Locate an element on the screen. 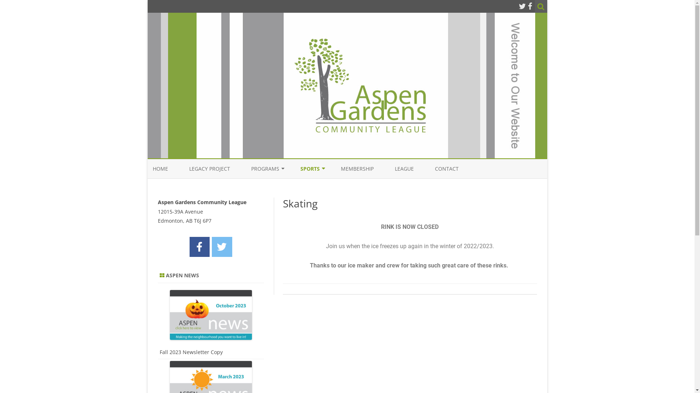 This screenshot has height=393, width=700. 'Aspen Gardens Community League on Twitter' is located at coordinates (221, 246).